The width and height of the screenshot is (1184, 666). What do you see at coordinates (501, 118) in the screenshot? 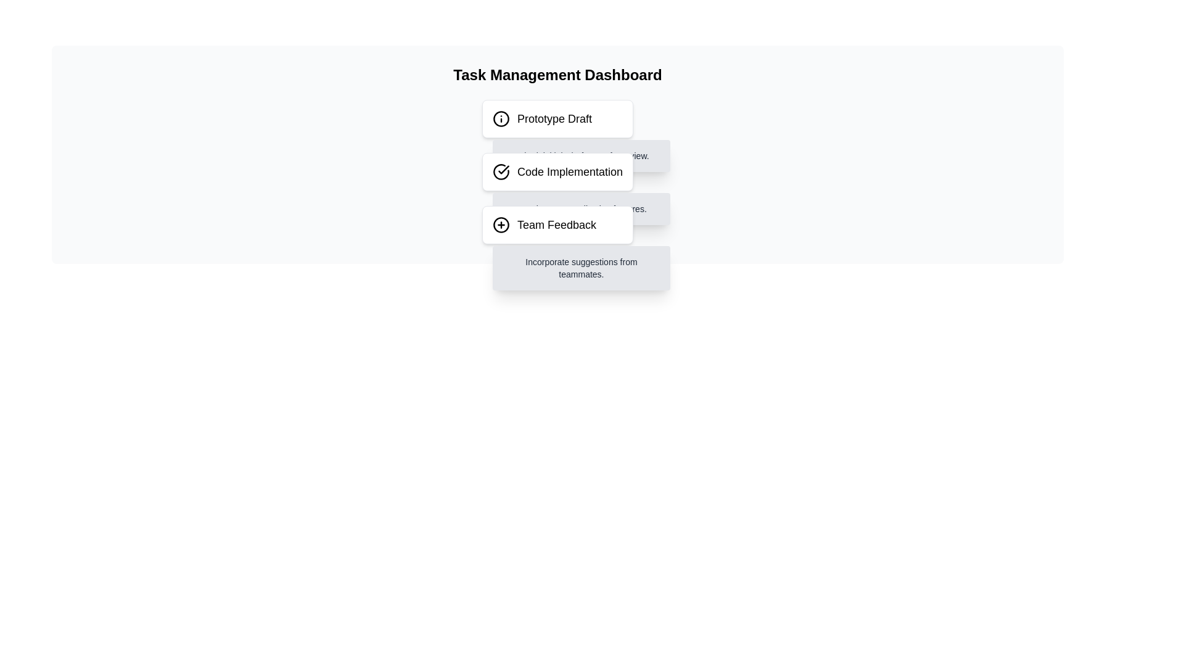
I see `the circular information icon located to the left of the text 'Prototype Draft'` at bounding box center [501, 118].